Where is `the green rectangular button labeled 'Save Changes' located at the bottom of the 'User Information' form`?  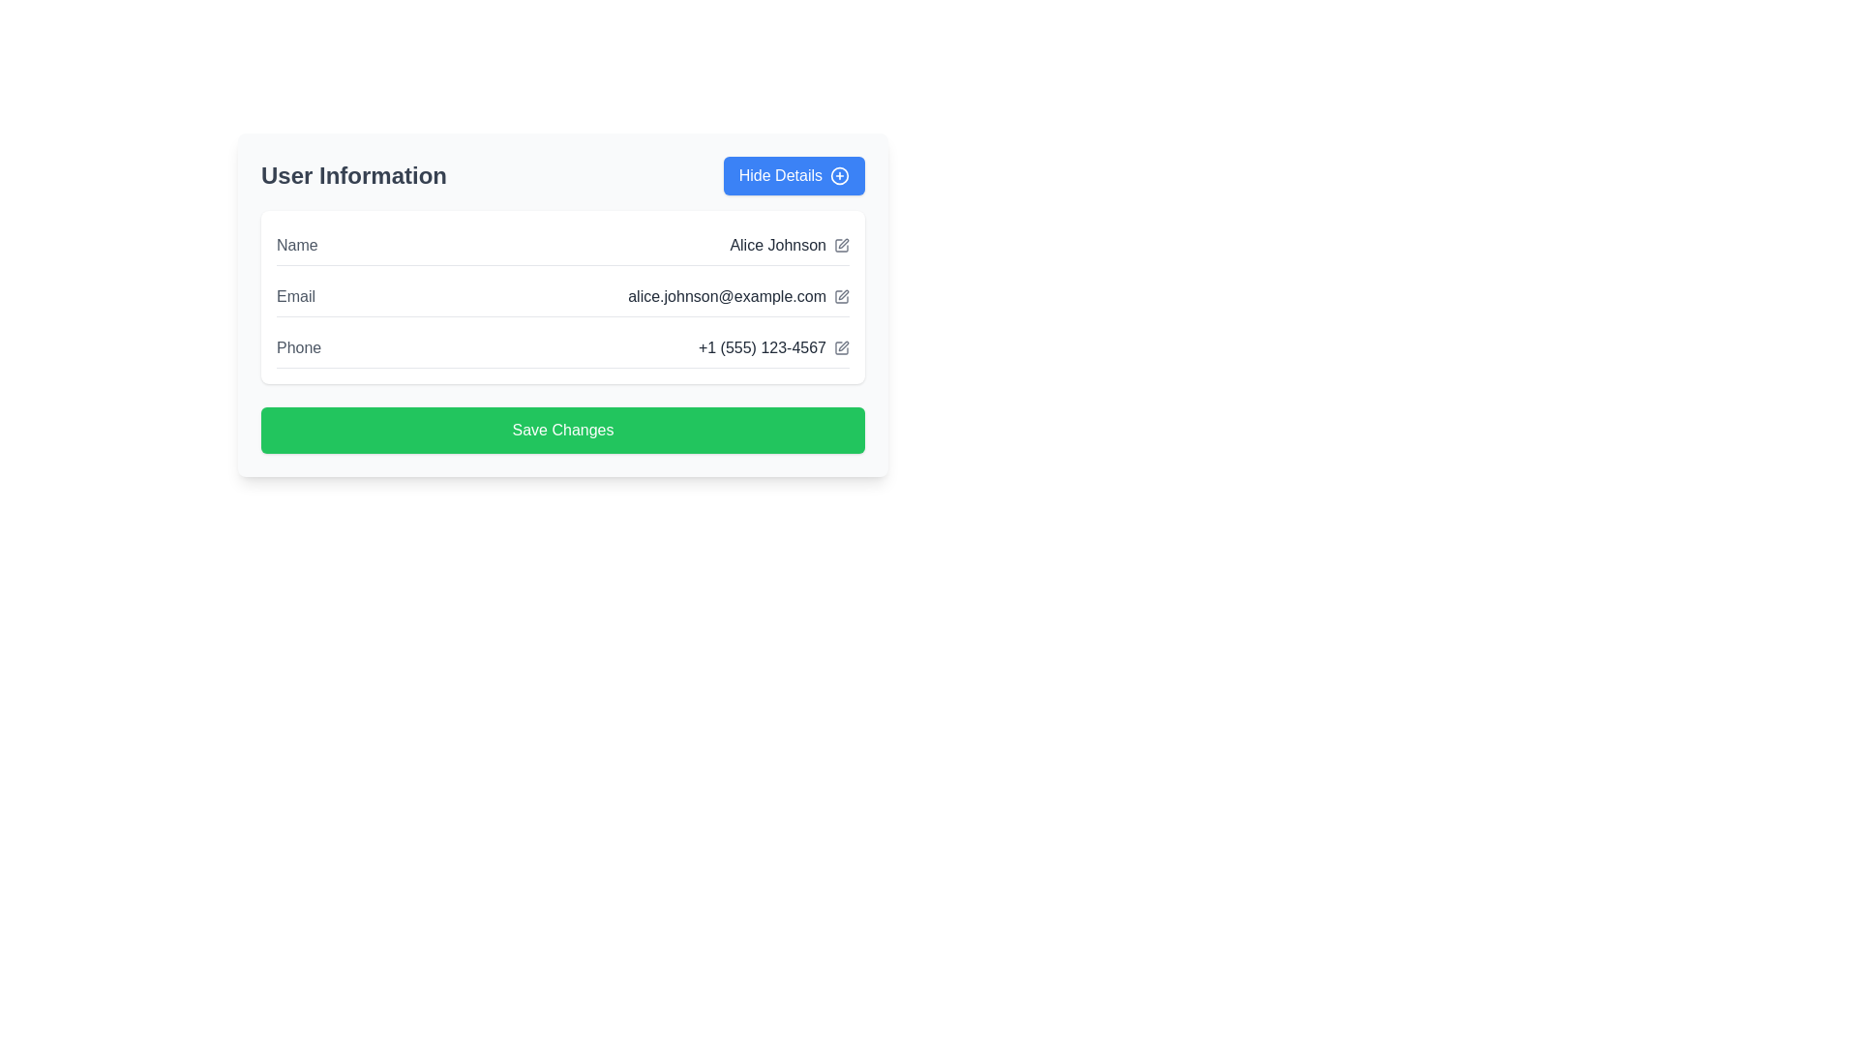
the green rectangular button labeled 'Save Changes' located at the bottom of the 'User Information' form is located at coordinates (561, 429).